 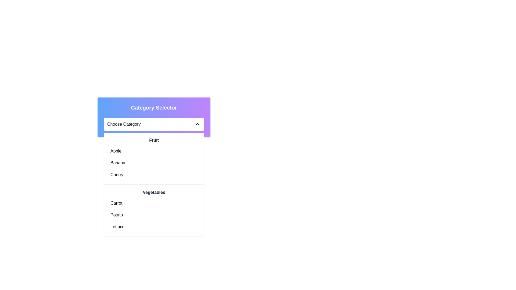 I want to click on the 'Vegetables' list of items, specifically, so click(x=153, y=215).